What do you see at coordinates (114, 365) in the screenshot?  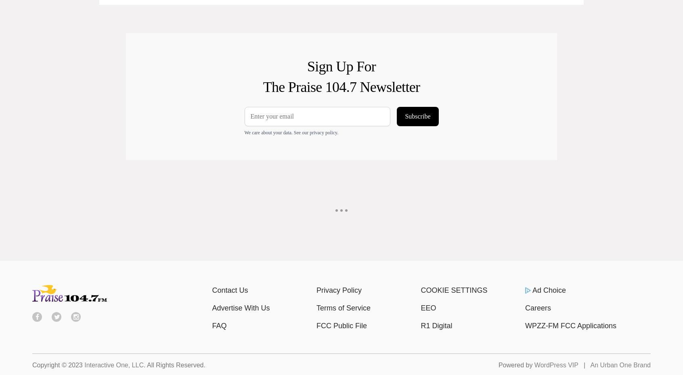 I see `'Interactive One, LLC'` at bounding box center [114, 365].